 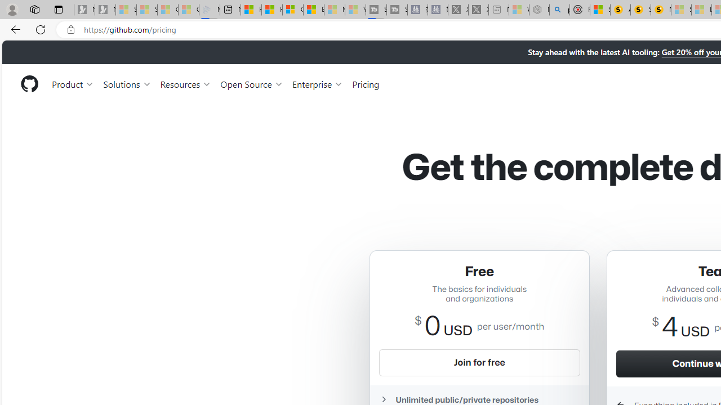 What do you see at coordinates (186, 83) in the screenshot?
I see `'Resources'` at bounding box center [186, 83].